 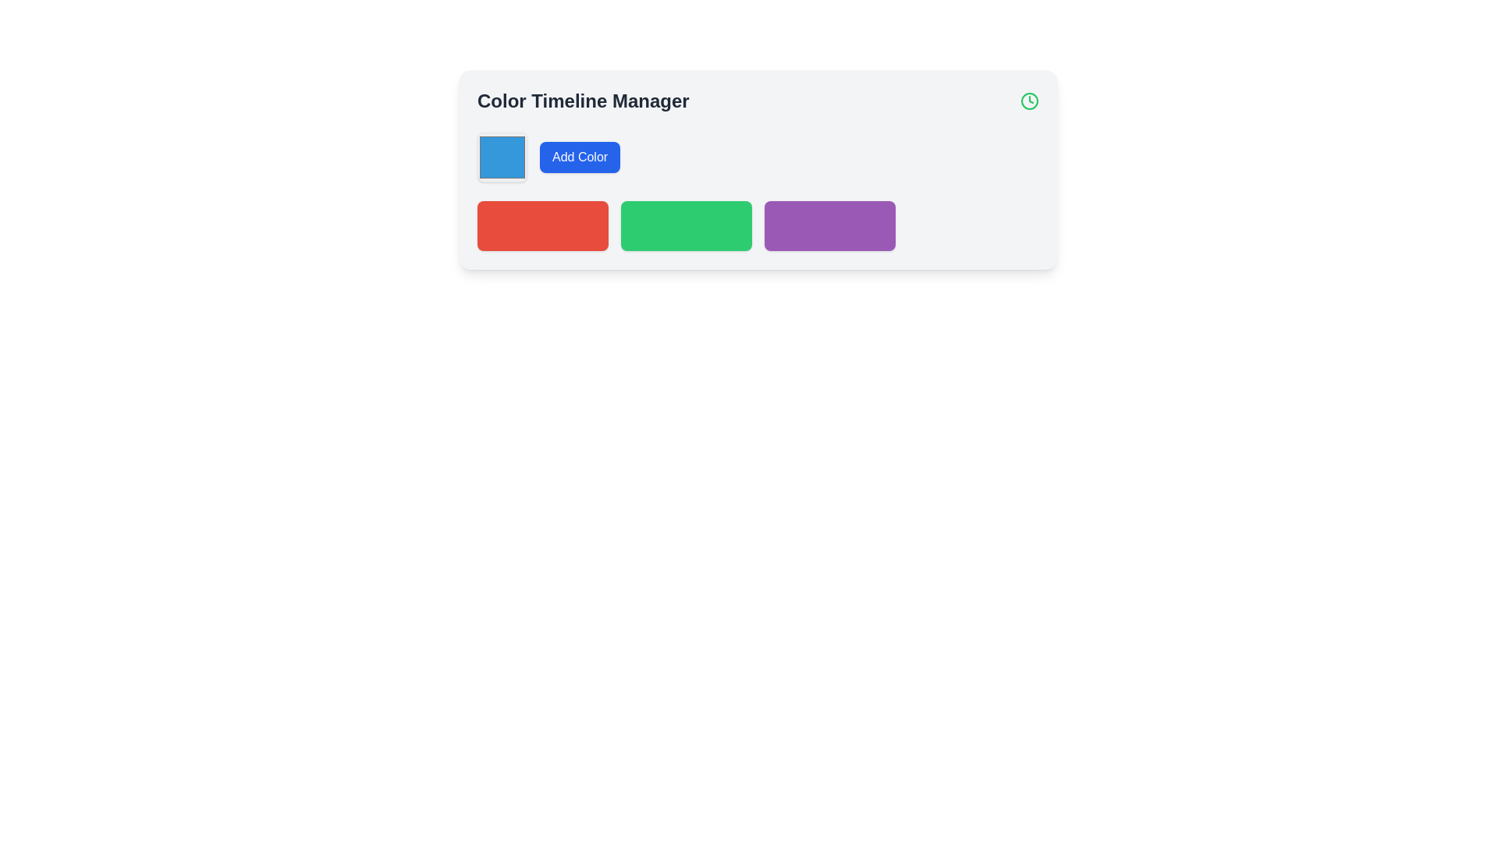 What do you see at coordinates (502, 157) in the screenshot?
I see `the solid blue square color indicator located in the 'Color Timeline Manager' panel` at bounding box center [502, 157].